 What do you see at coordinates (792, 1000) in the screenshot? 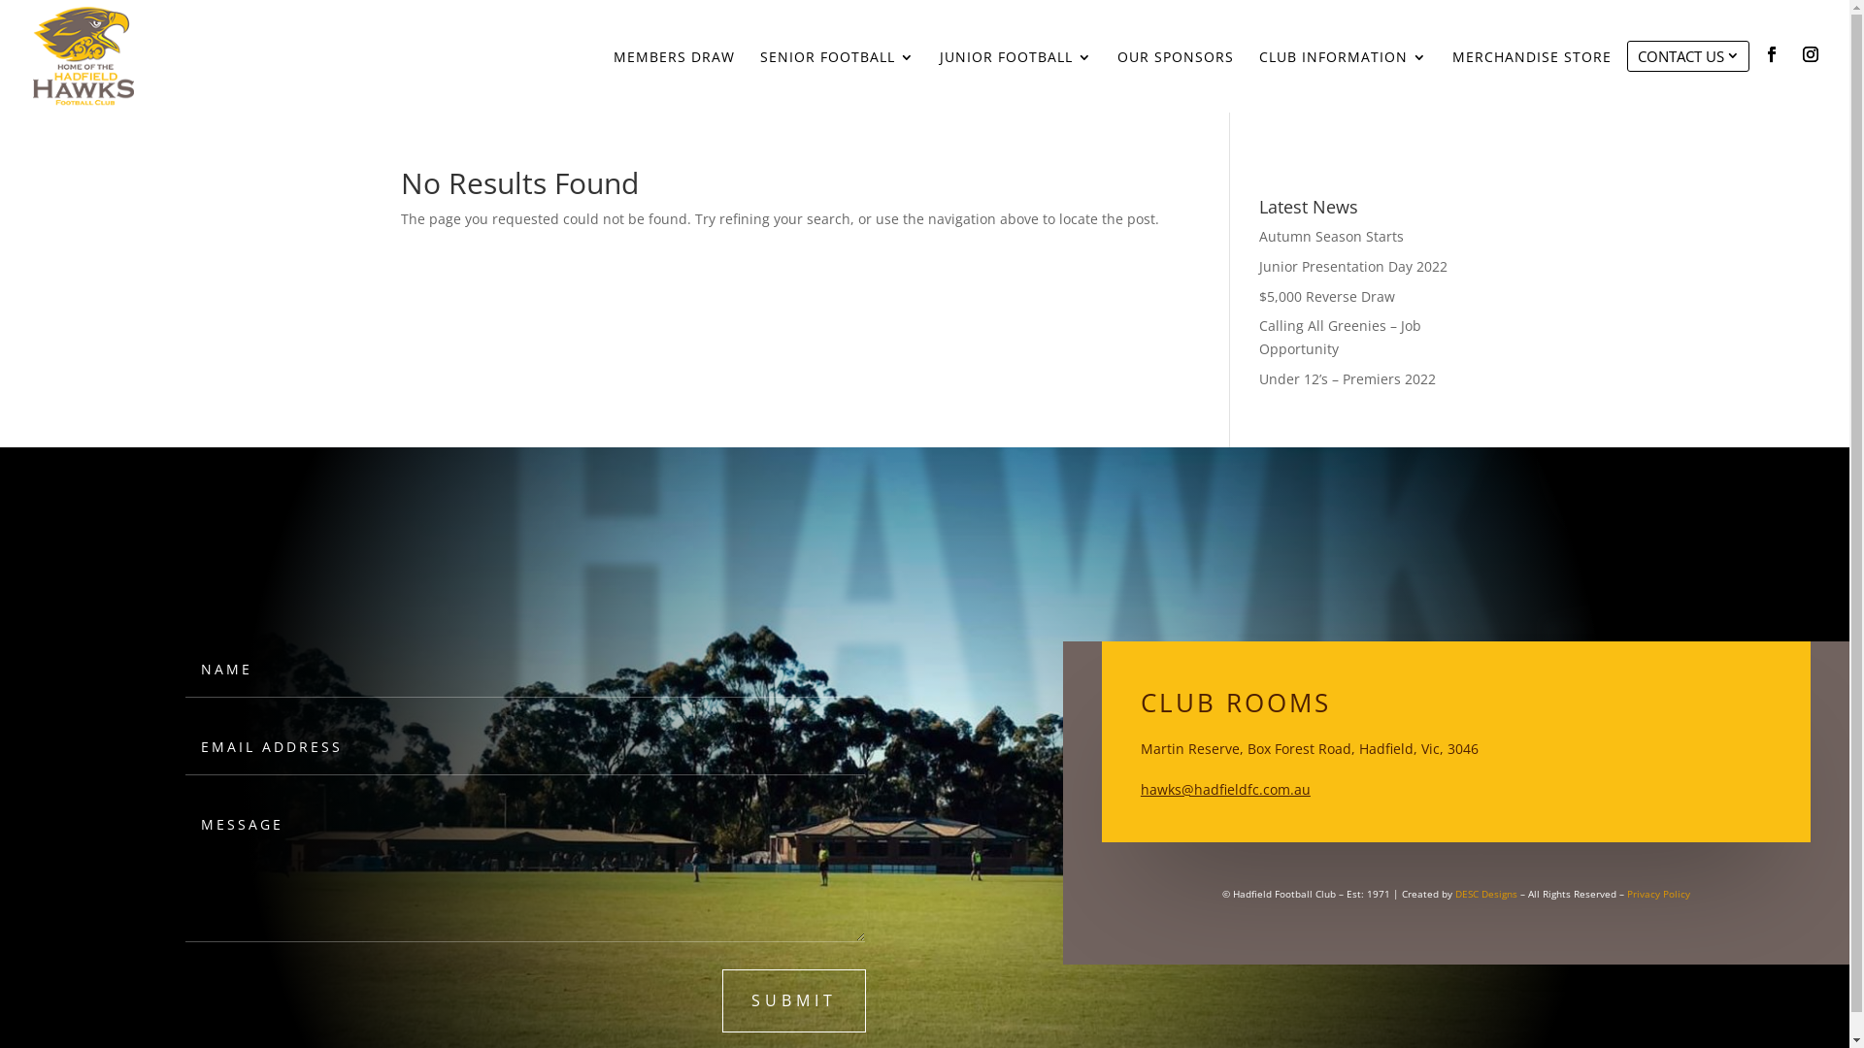
I see `'SUBMIT'` at bounding box center [792, 1000].